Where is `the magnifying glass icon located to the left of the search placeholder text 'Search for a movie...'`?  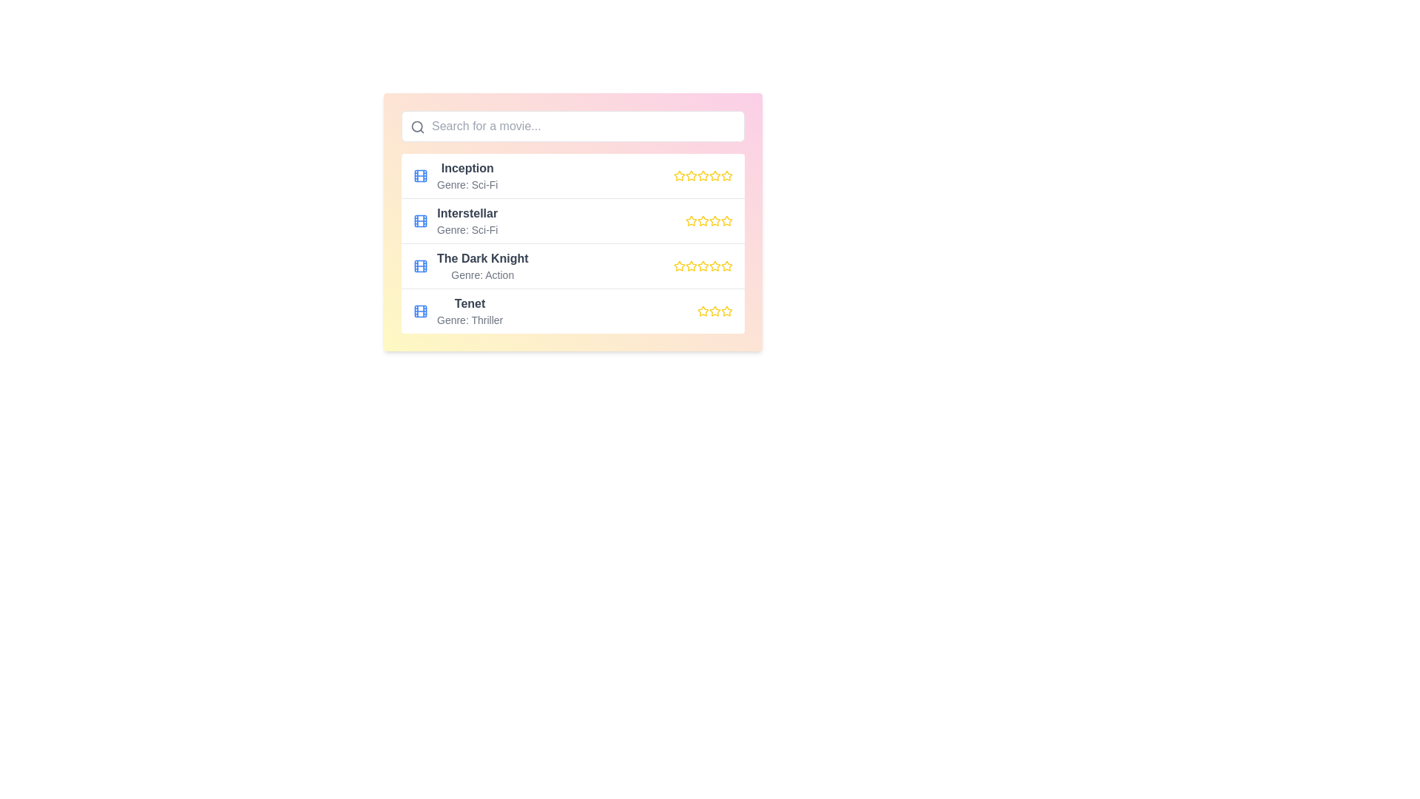 the magnifying glass icon located to the left of the search placeholder text 'Search for a movie...' is located at coordinates (417, 127).